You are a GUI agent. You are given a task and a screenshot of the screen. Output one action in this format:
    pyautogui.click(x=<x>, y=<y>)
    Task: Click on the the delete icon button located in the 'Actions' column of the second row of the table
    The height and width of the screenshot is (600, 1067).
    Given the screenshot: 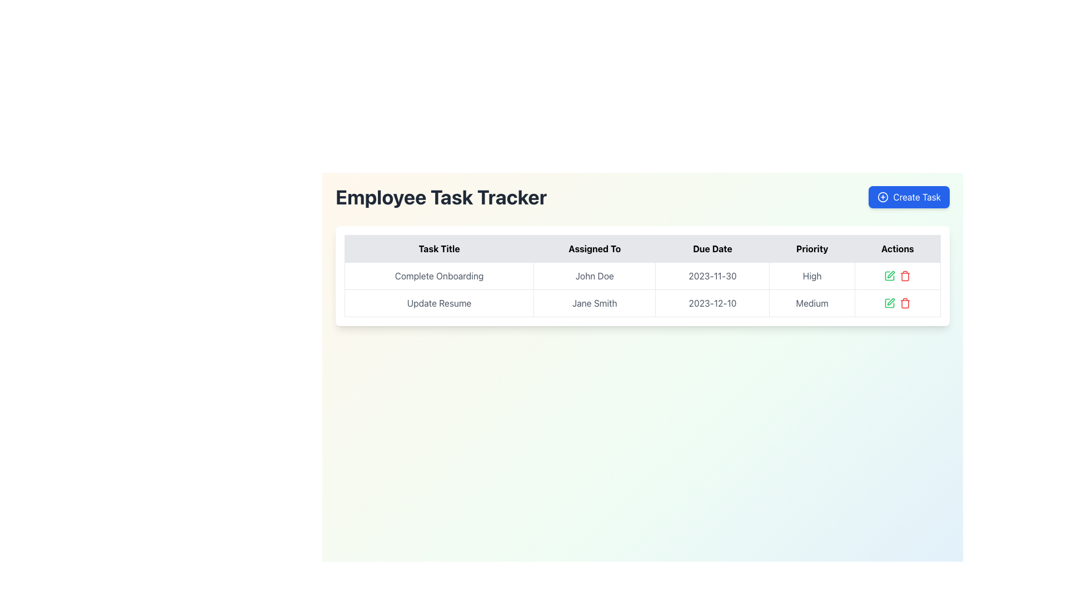 What is the action you would take?
    pyautogui.click(x=905, y=303)
    